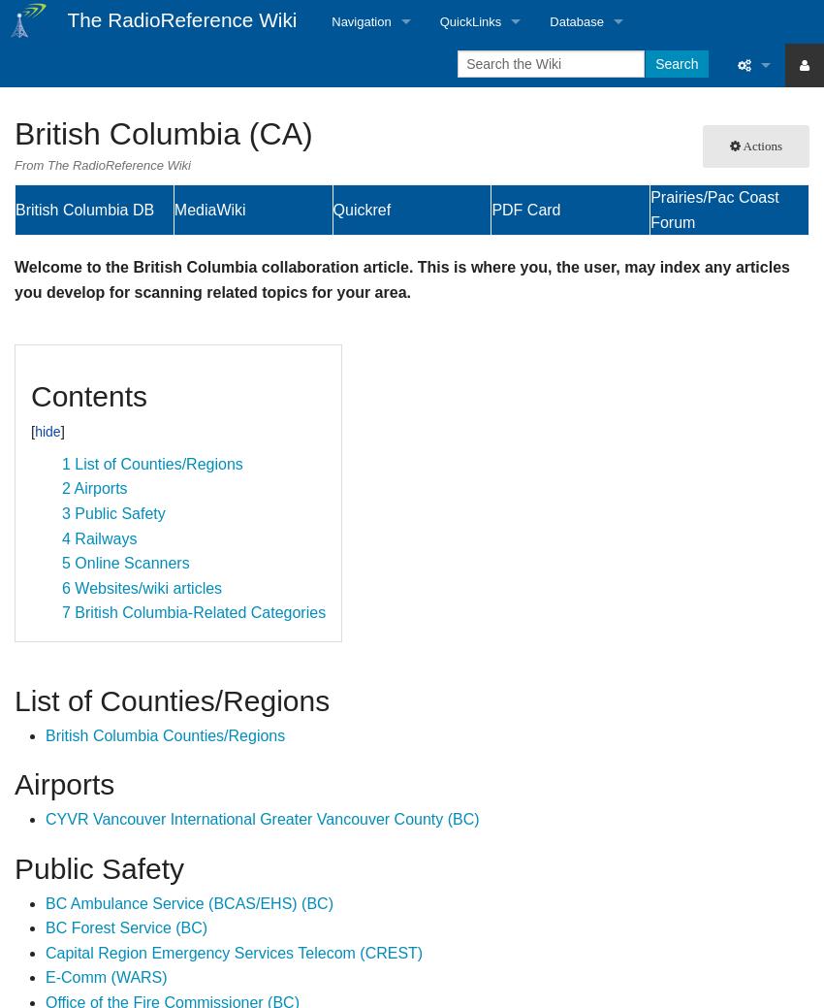 The image size is (824, 1008). What do you see at coordinates (360, 210) in the screenshot?
I see `'Quickref'` at bounding box center [360, 210].